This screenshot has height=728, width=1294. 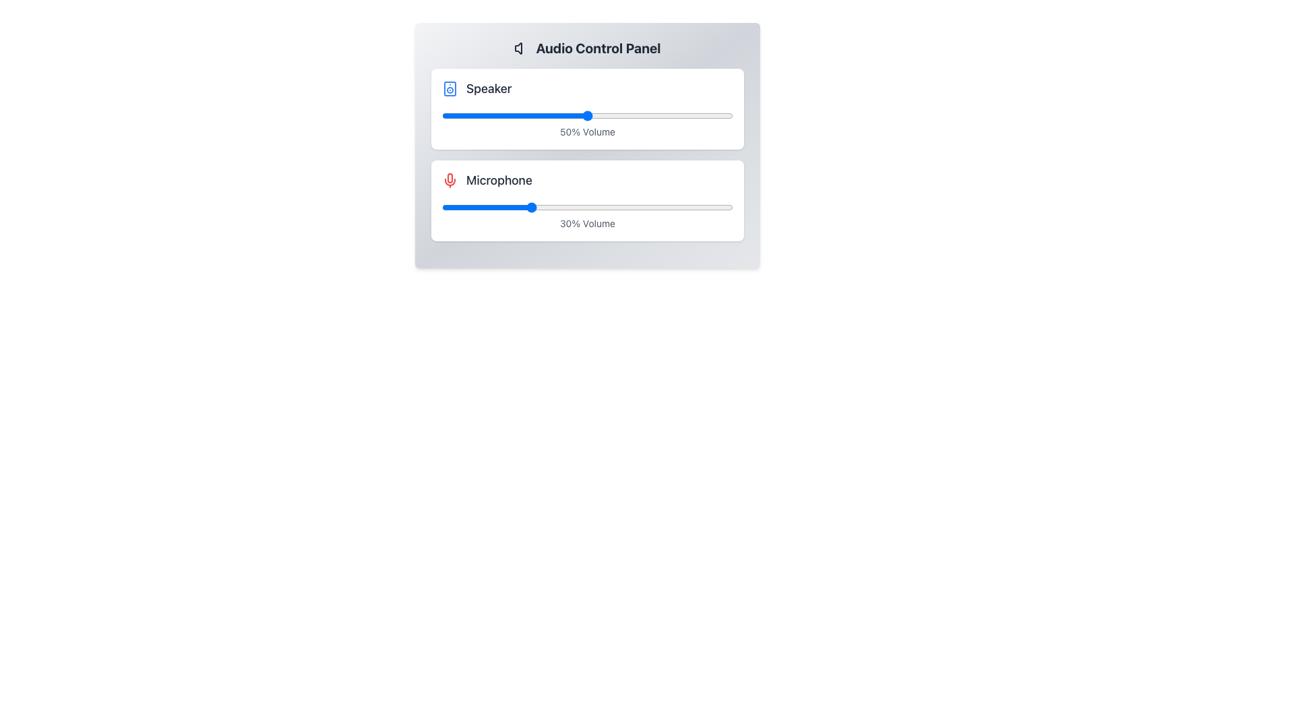 I want to click on volume percentage displayed on the 'Microphone' control element, which is represented by the text '30% Volume' below the blue slider, so click(x=588, y=200).